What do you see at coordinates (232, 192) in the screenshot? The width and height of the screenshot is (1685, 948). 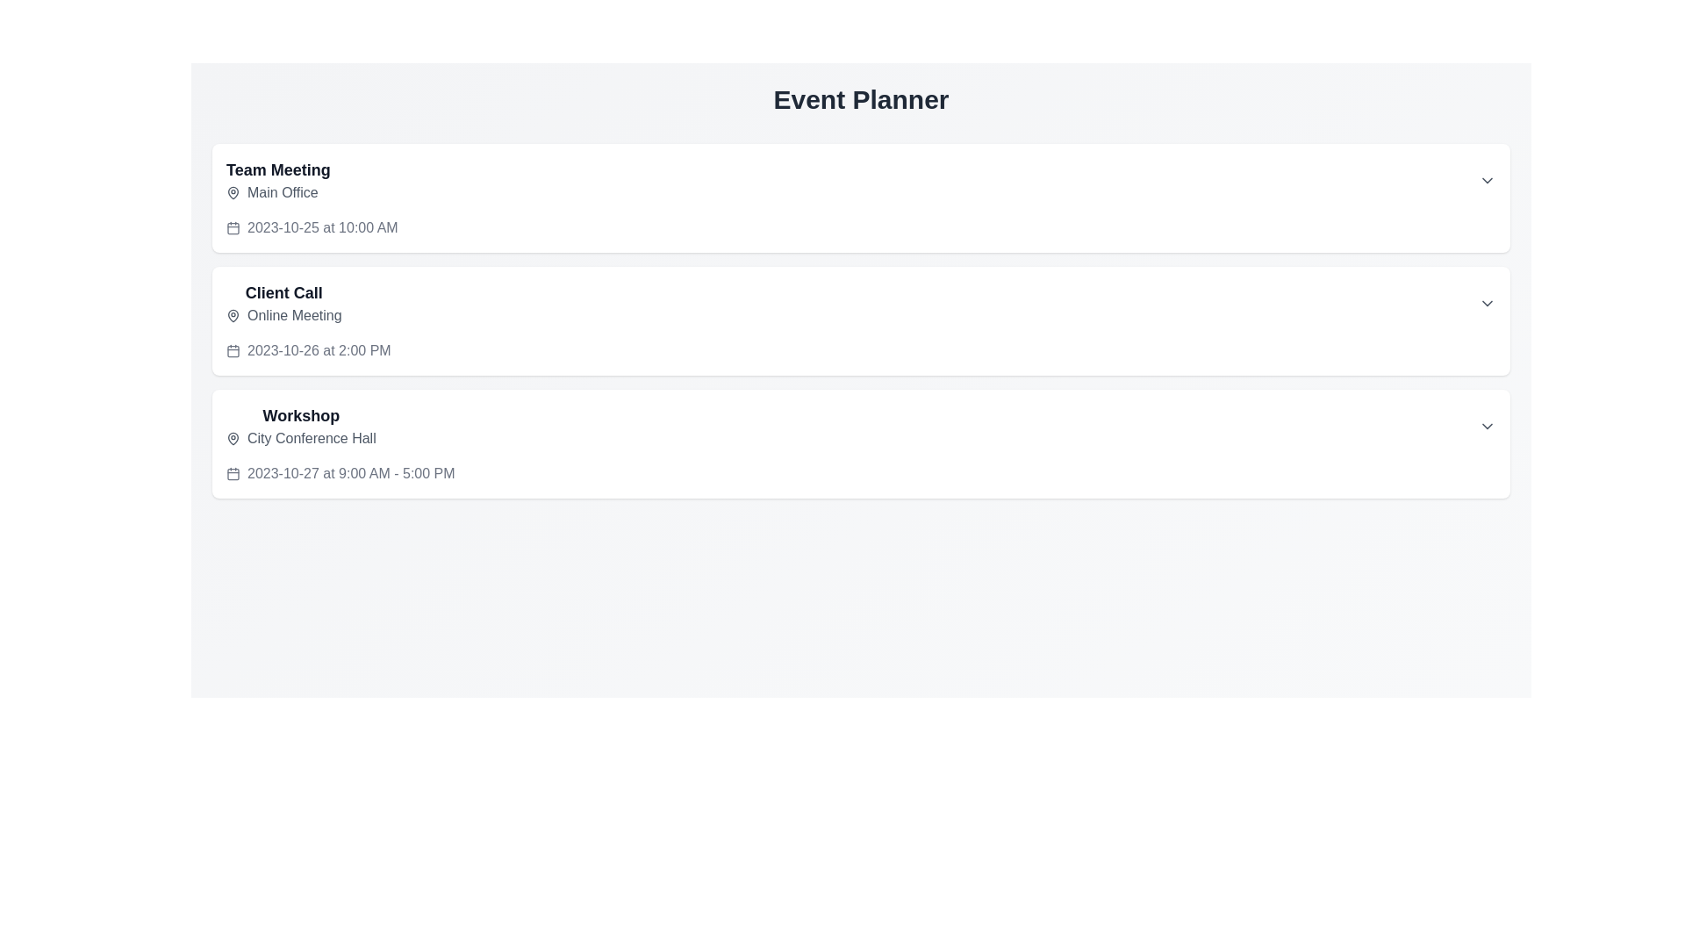 I see `the pin-shaped icon element located near the 'Main Office' label within the 'Team Meeting' card` at bounding box center [232, 192].